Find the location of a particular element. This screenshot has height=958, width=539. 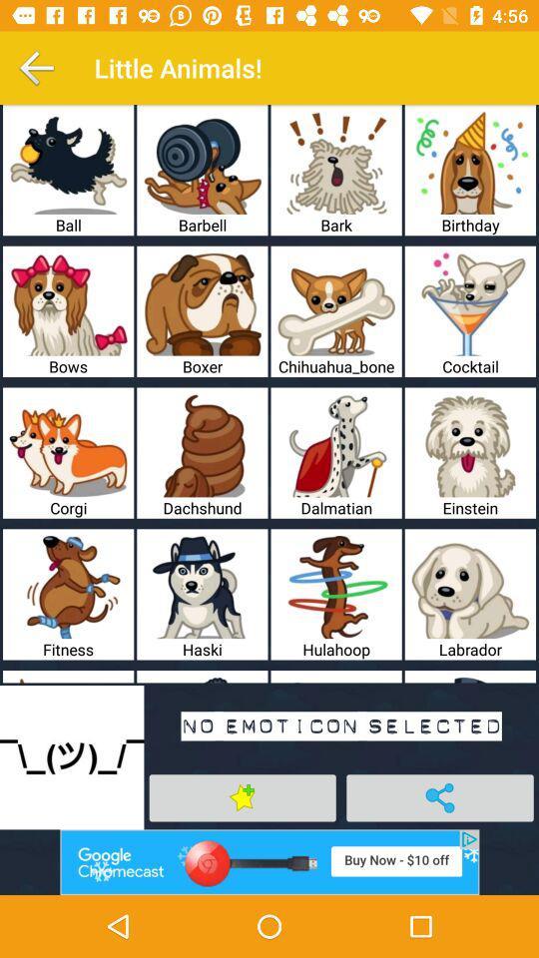

go back is located at coordinates (36, 68).